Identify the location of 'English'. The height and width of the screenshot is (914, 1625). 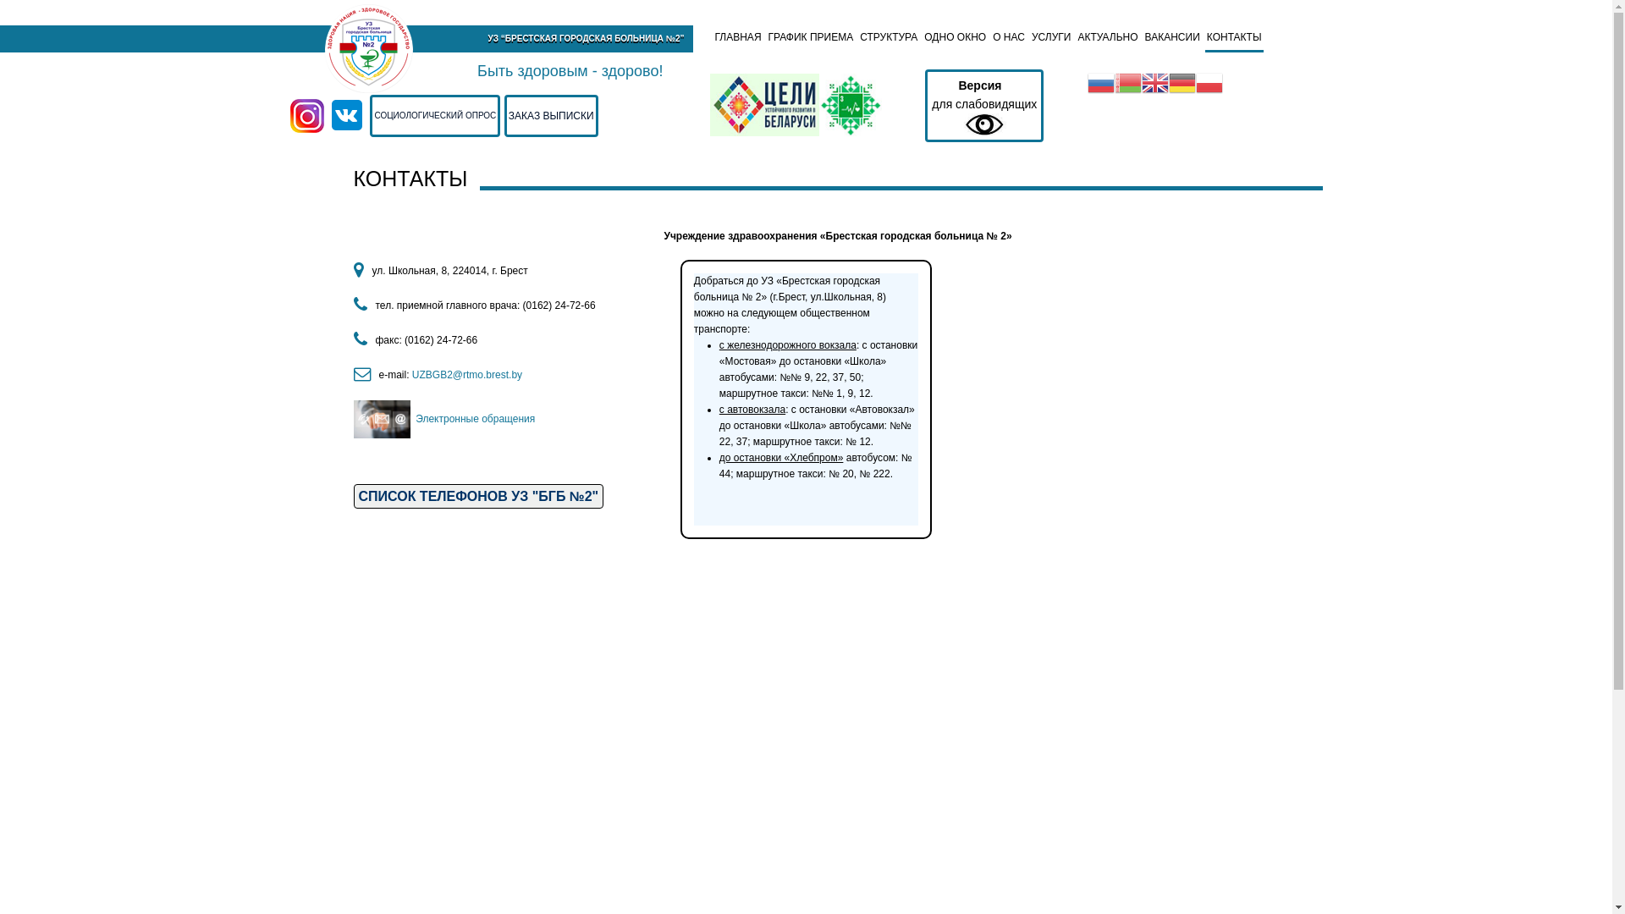
(1154, 81).